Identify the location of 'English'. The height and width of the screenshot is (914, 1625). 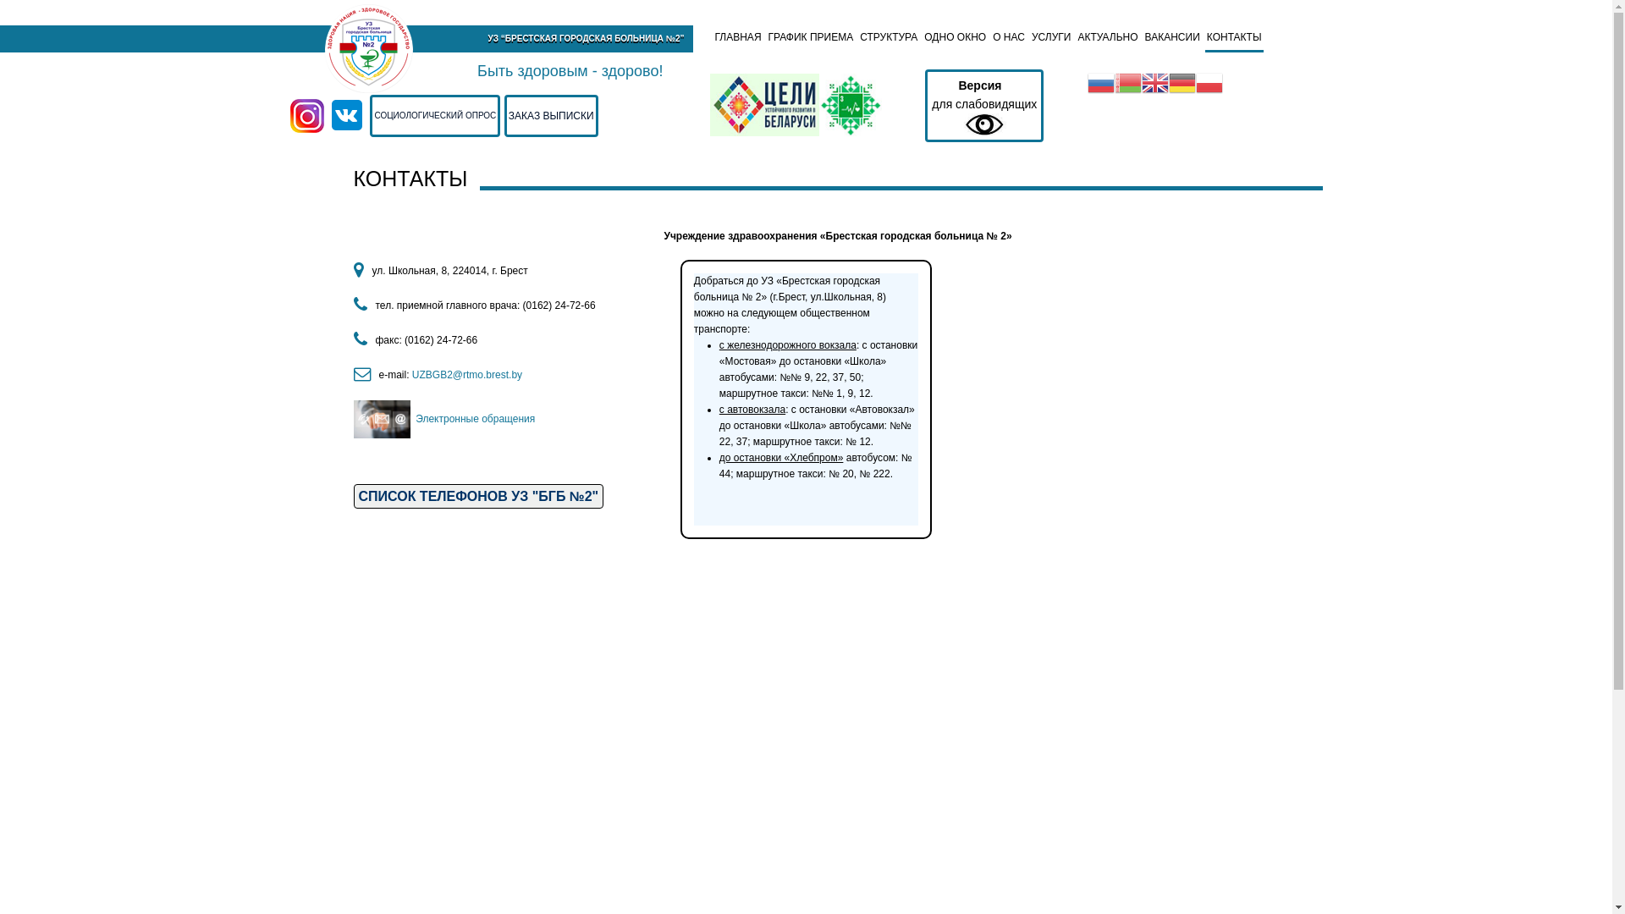
(1154, 81).